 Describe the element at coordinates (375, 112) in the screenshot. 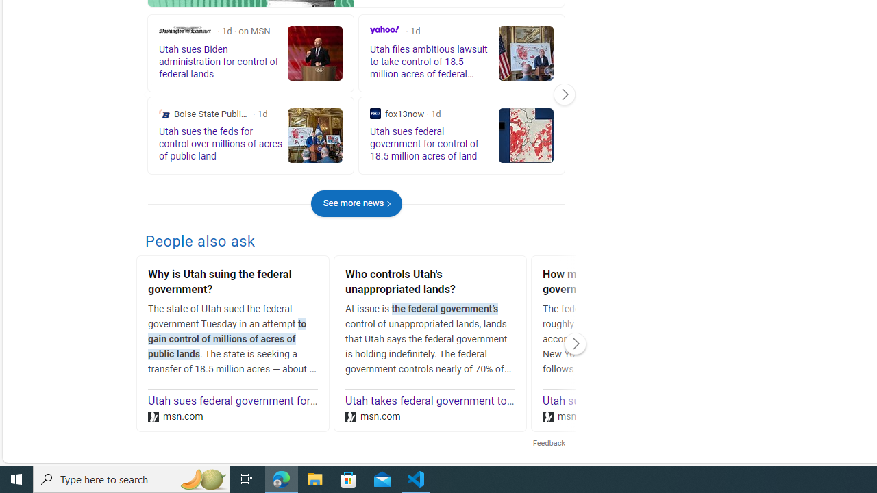

I see `'fox13now'` at that location.